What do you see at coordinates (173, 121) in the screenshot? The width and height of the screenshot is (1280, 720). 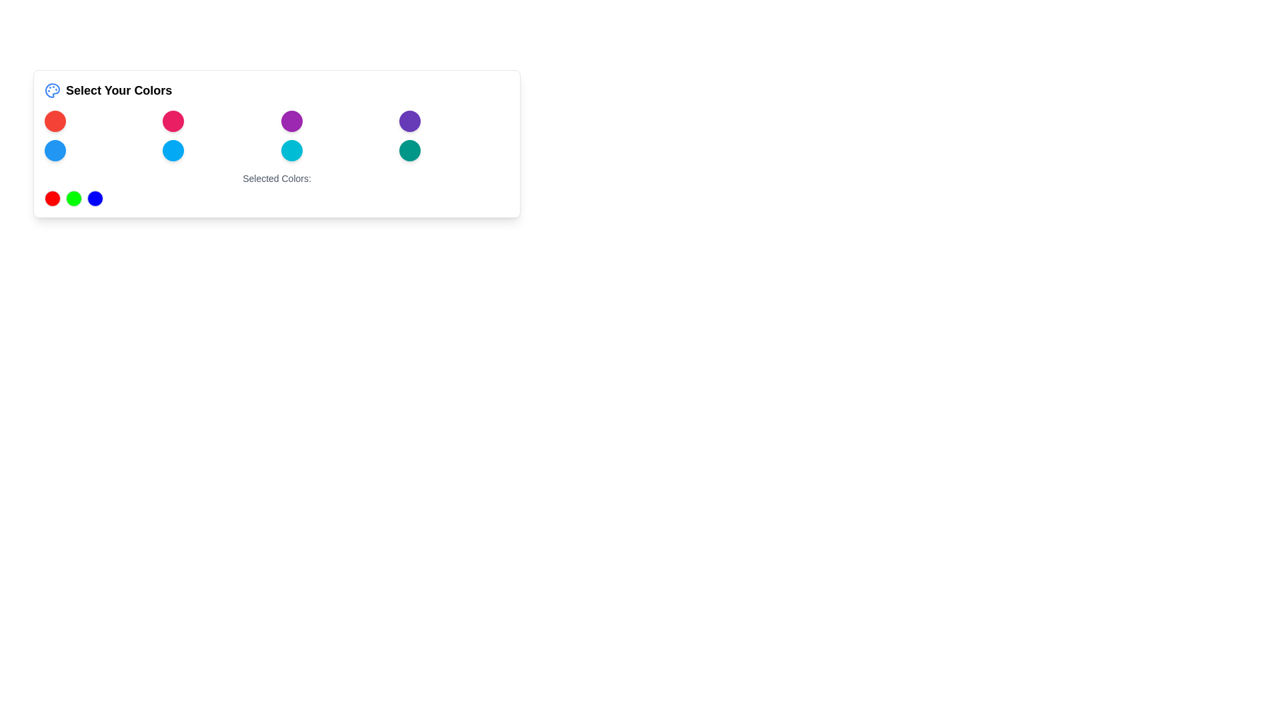 I see `the small, circular pink button located in the second column of the grid in the 'Select Your Colors' card` at bounding box center [173, 121].